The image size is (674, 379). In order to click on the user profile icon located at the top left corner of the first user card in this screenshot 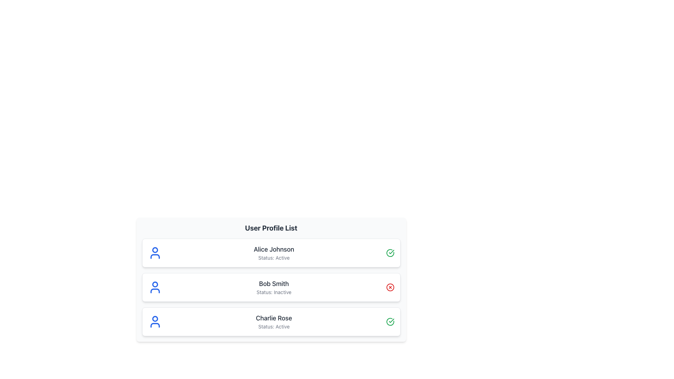, I will do `click(154, 253)`.